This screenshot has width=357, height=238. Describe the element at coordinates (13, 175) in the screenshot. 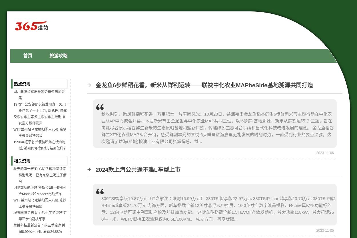

I see `'秋天的第一杯“DIY水”？这种网红饮料别乱喝！已有东谈主喝进了病院'` at that location.